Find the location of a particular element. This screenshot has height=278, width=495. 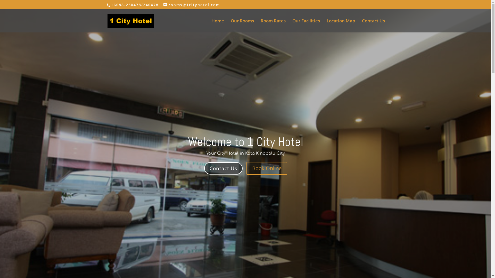

'Our Facilities' is located at coordinates (306, 26).